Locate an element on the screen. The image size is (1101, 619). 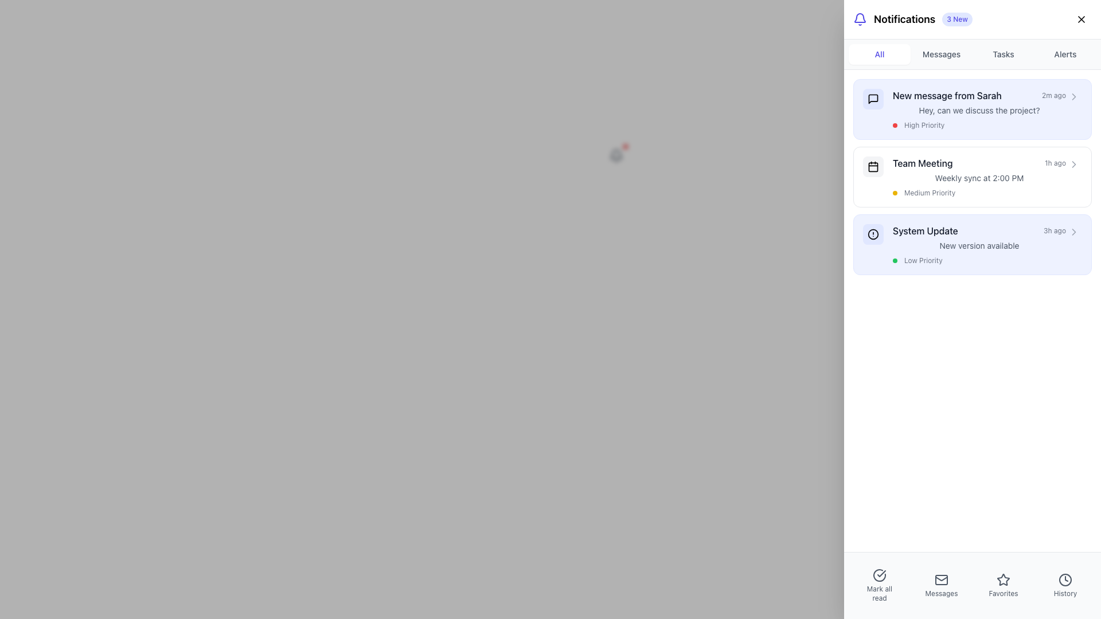
the notification panel titled 'New message from Sarah' is located at coordinates (979, 109).